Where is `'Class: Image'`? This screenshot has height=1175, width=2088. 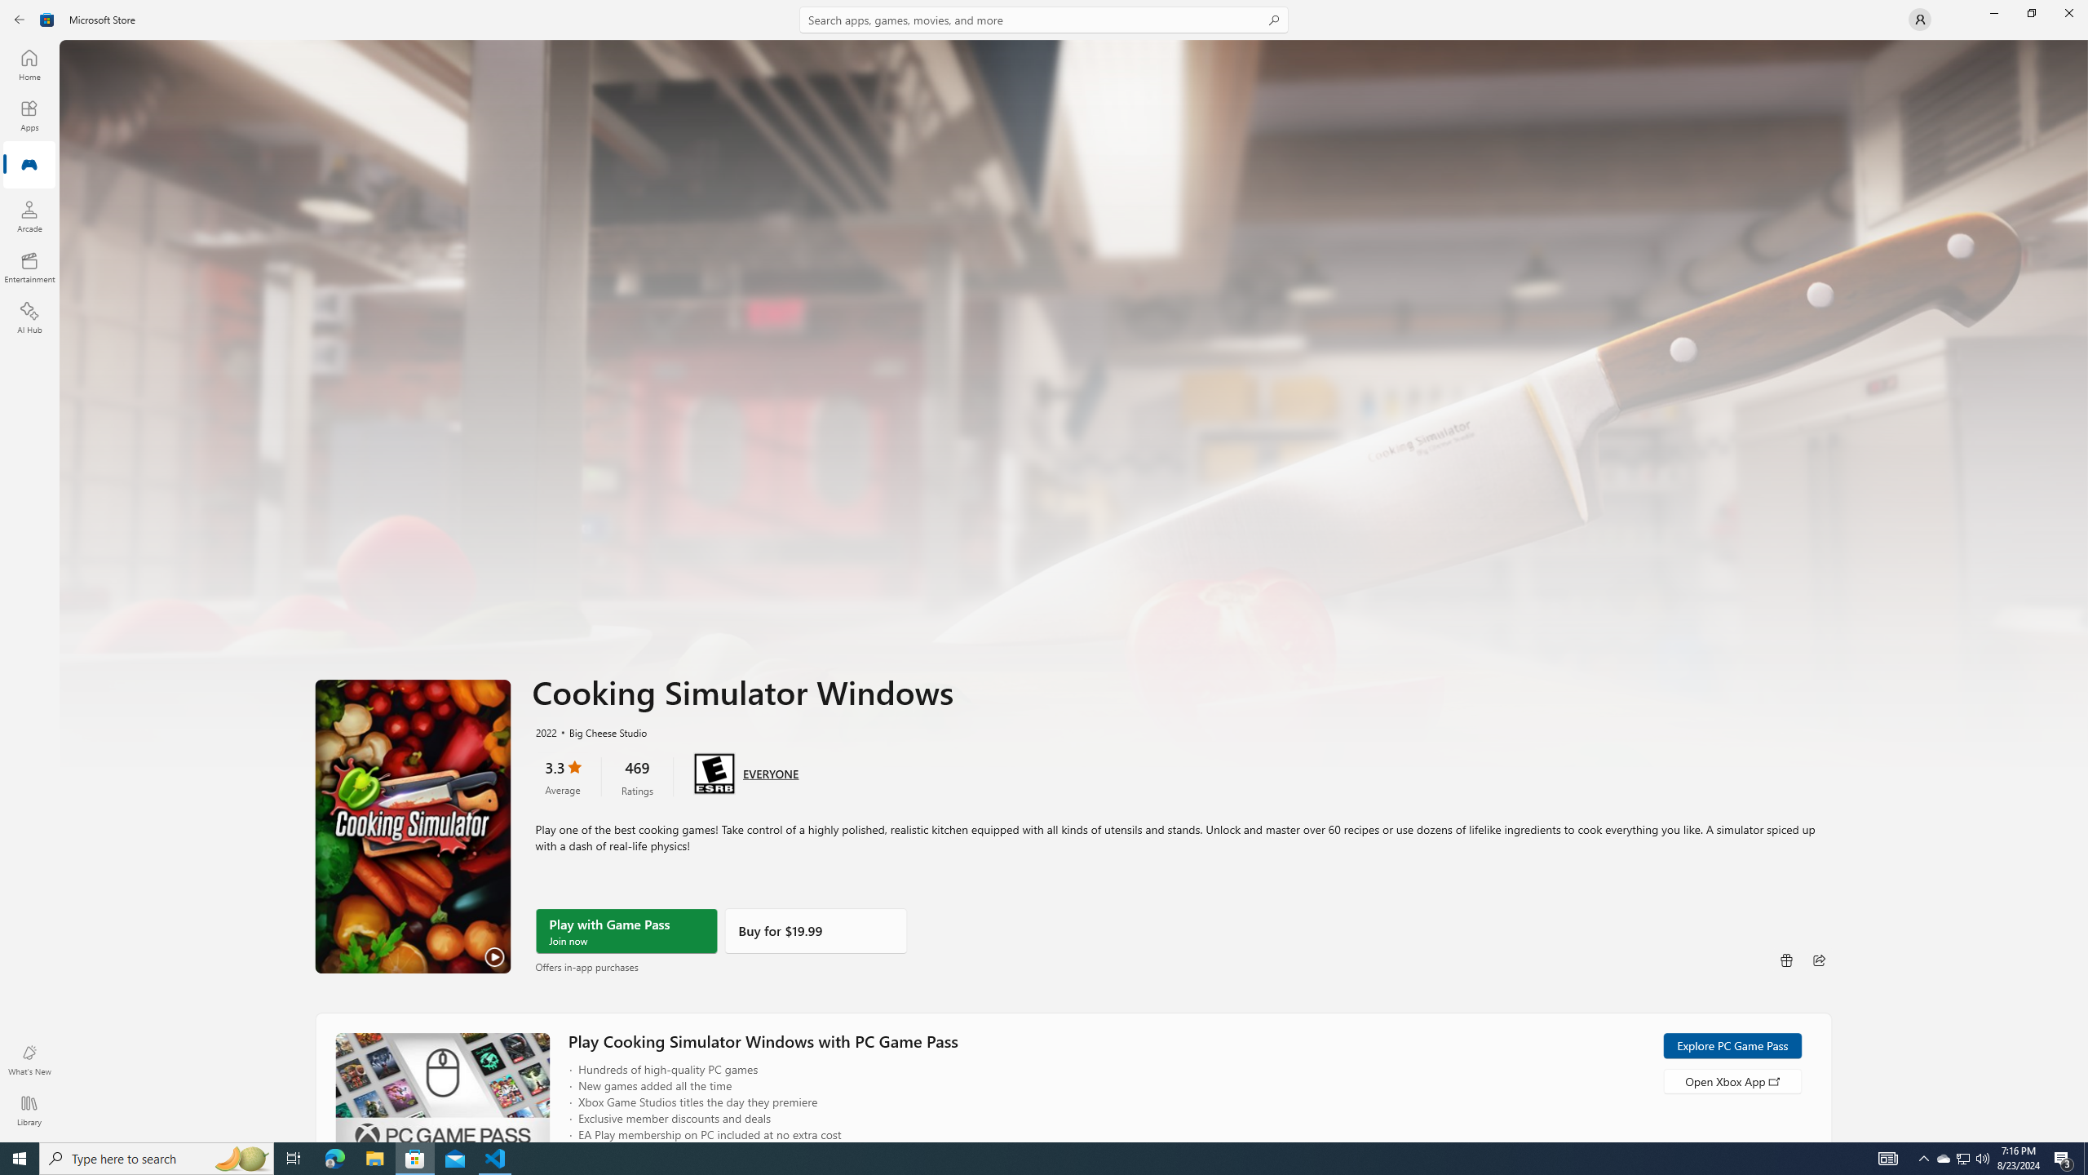 'Class: Image' is located at coordinates (46, 18).